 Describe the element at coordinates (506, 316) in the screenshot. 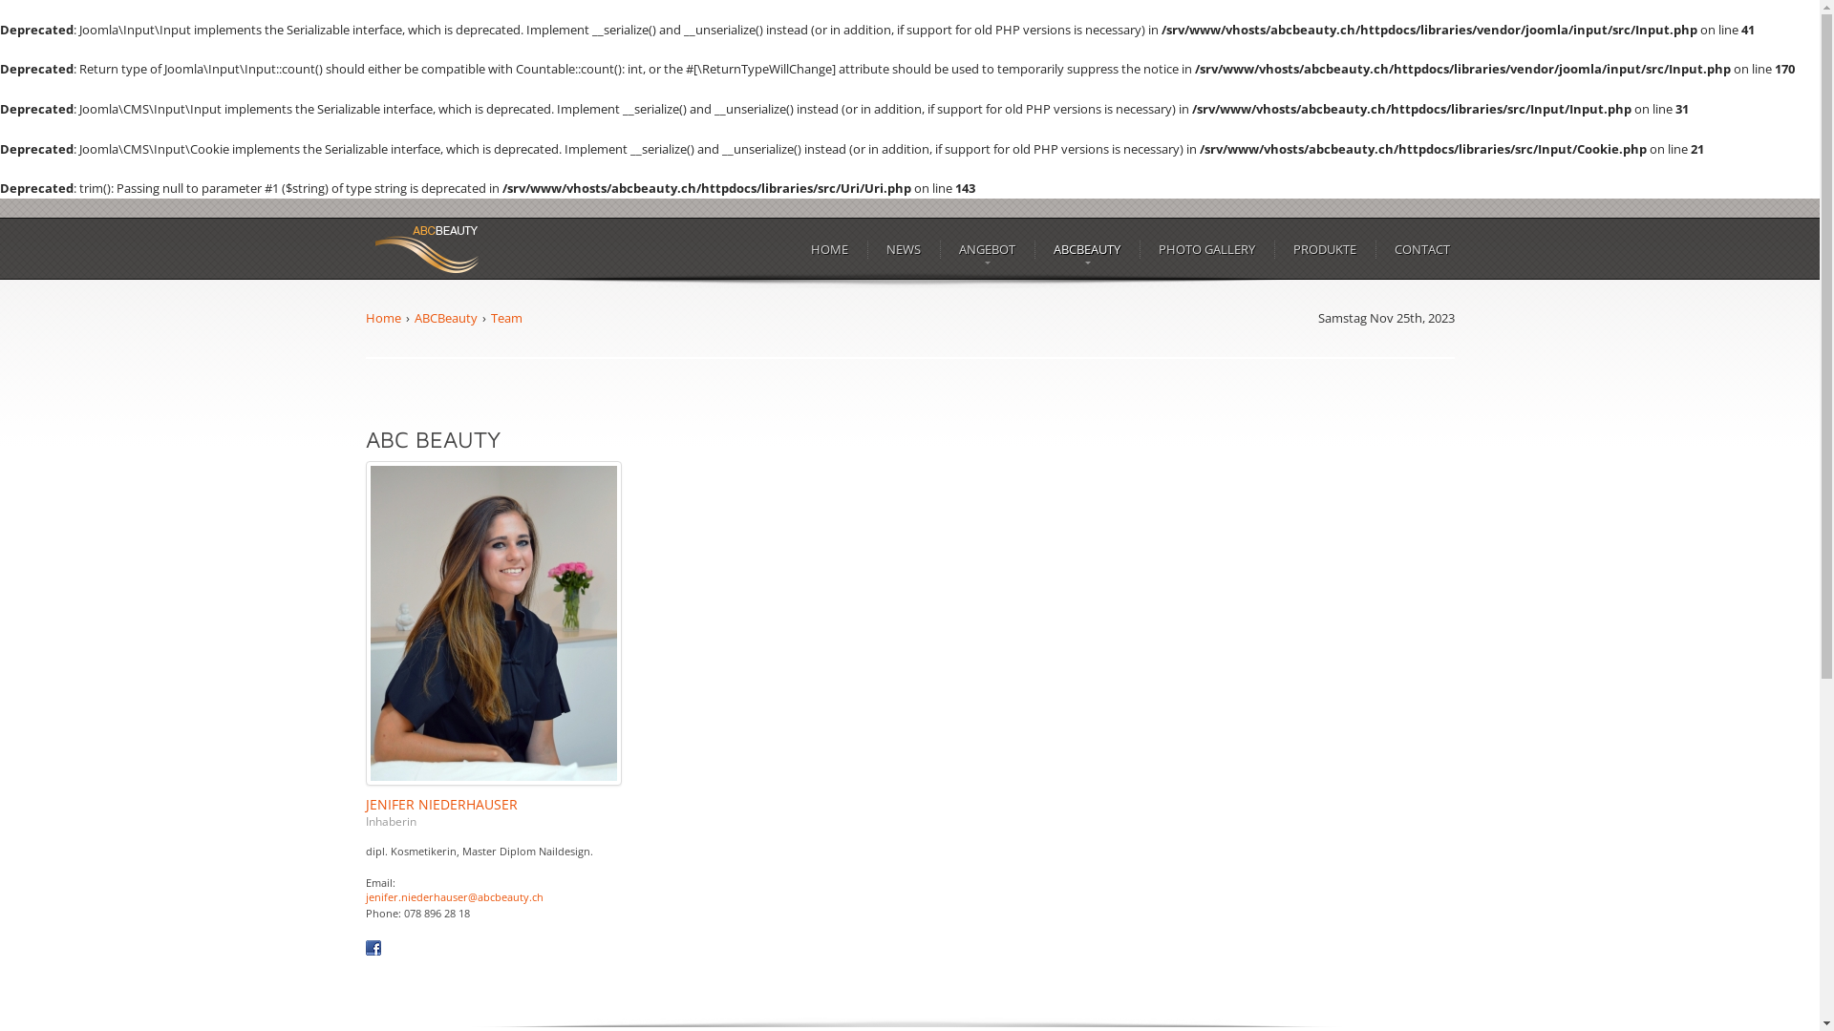

I see `'Team'` at that location.